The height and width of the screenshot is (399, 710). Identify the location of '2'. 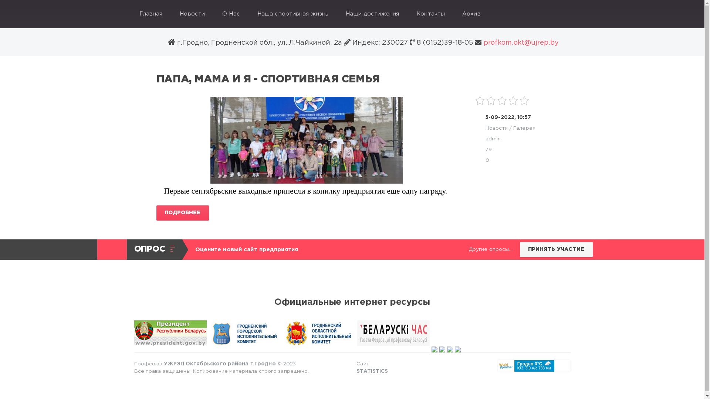
(491, 100).